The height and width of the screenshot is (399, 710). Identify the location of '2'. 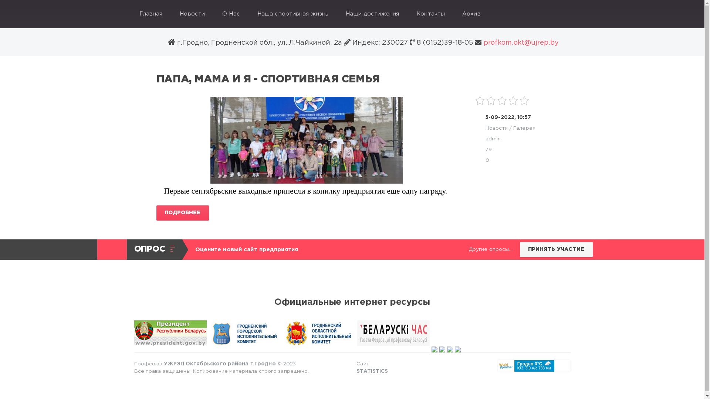
(491, 100).